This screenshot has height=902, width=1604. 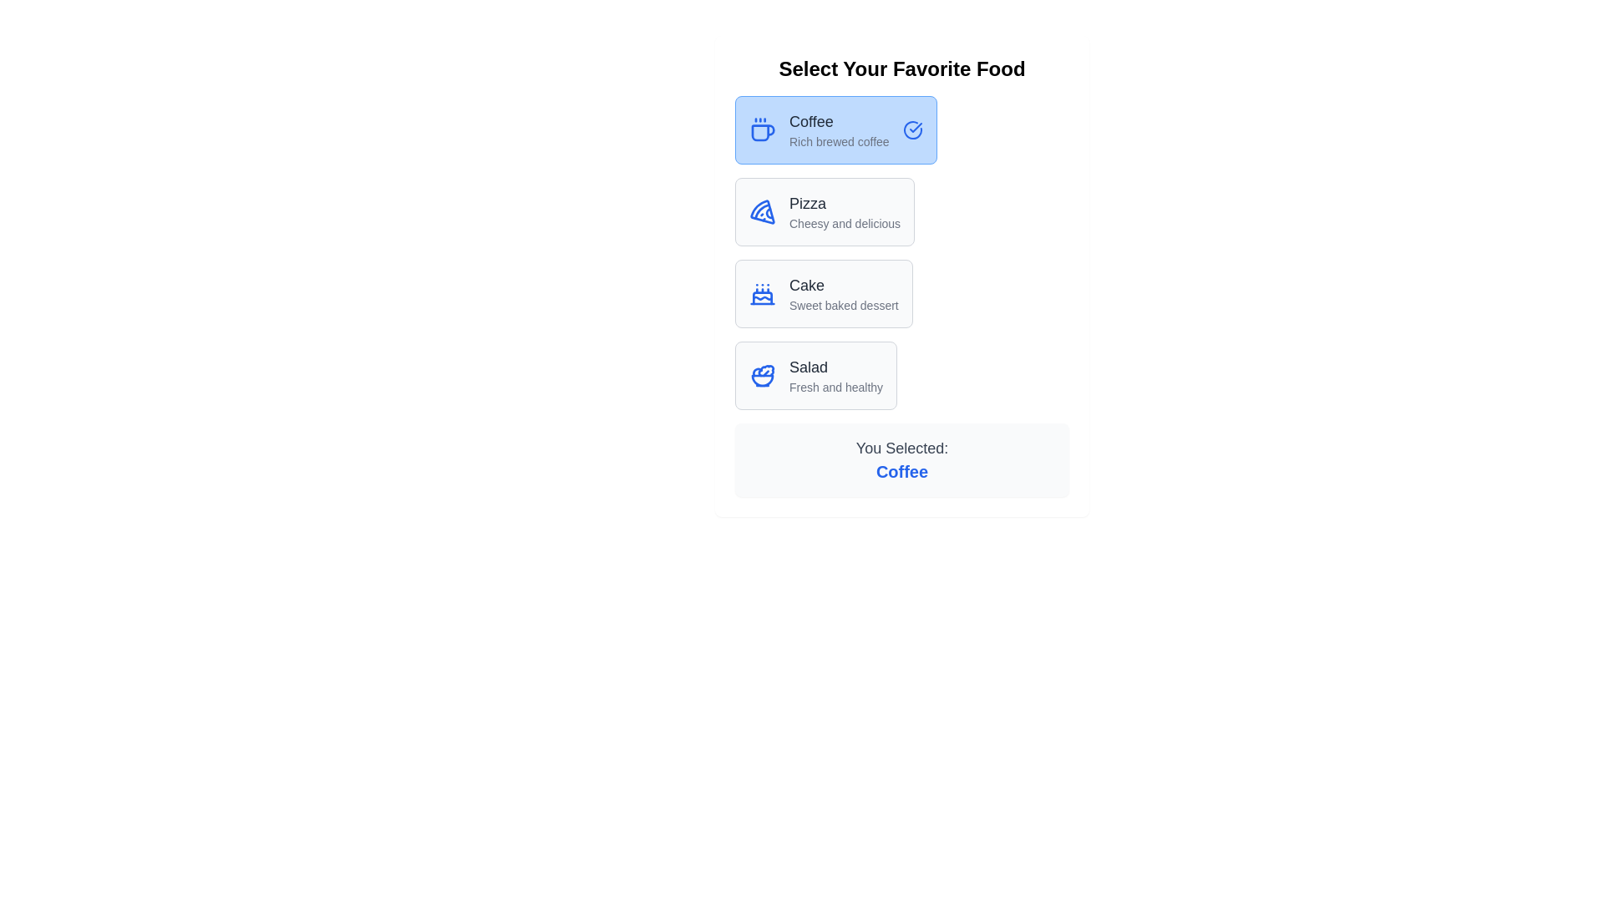 What do you see at coordinates (836, 376) in the screenshot?
I see `the descriptive text label located within the fourth option of the 'Select Your Favorite Food' list, positioned beneath 'Cake' and above the user's selection` at bounding box center [836, 376].